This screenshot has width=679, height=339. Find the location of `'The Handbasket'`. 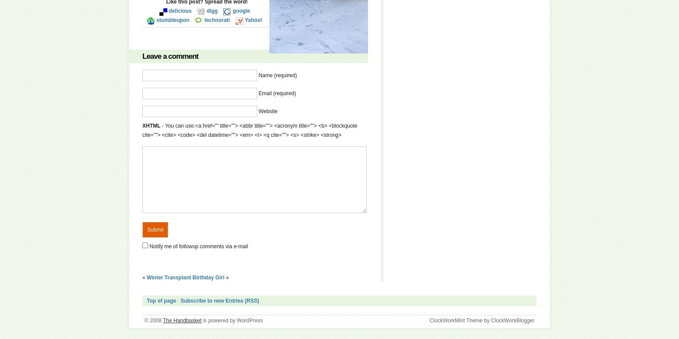

'The Handbasket' is located at coordinates (182, 321).